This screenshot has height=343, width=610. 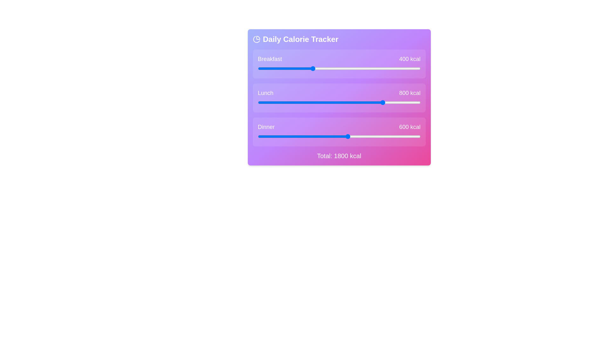 What do you see at coordinates (315, 69) in the screenshot?
I see `the breakfast calorie value` at bounding box center [315, 69].